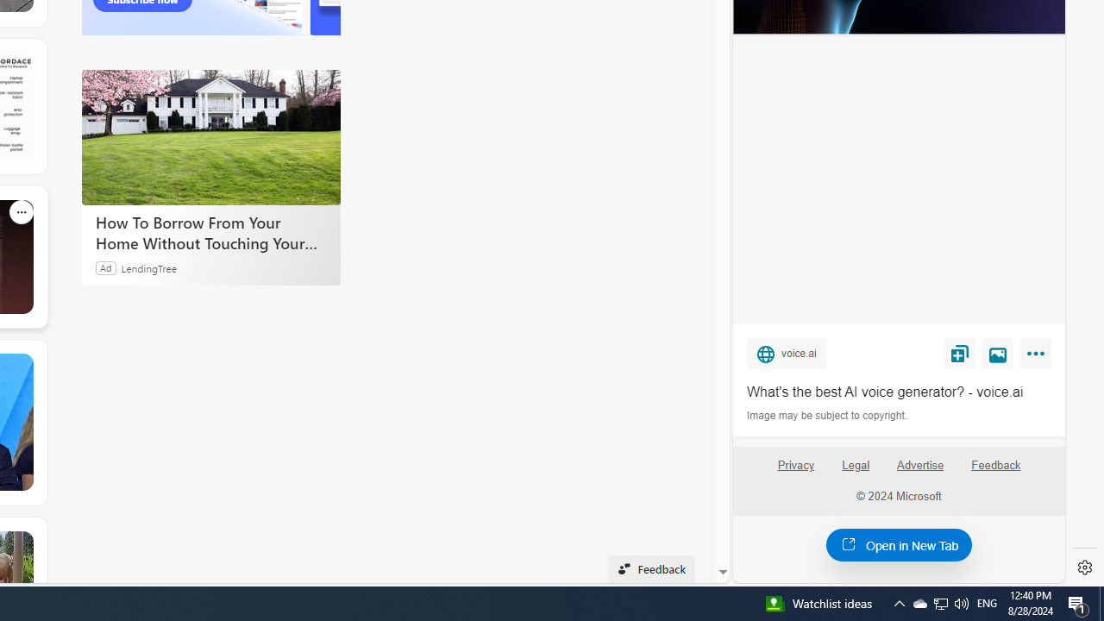 The height and width of the screenshot is (621, 1104). Describe the element at coordinates (148, 267) in the screenshot. I see `'LendingTree'` at that location.